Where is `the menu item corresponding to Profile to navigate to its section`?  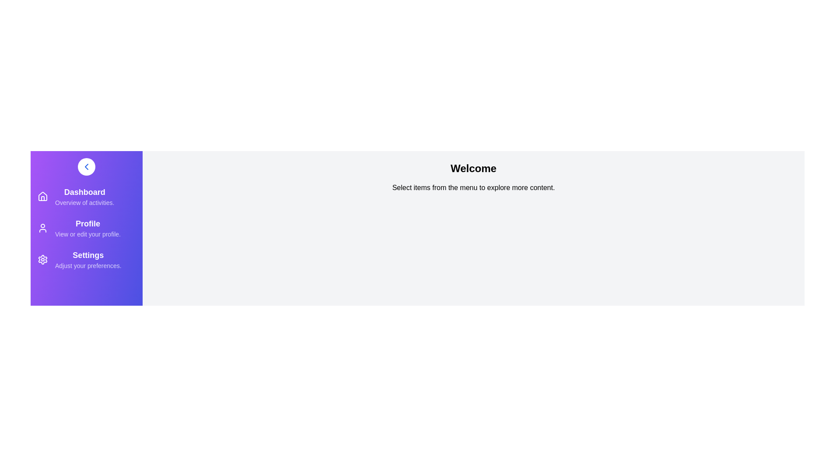 the menu item corresponding to Profile to navigate to its section is located at coordinates (86, 227).